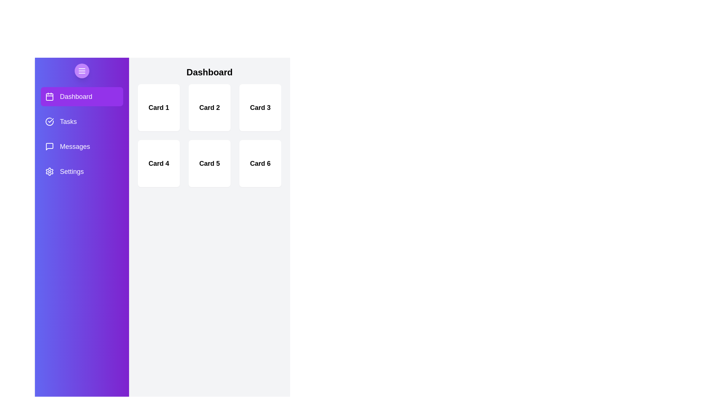 The width and height of the screenshot is (706, 397). I want to click on the sidebar menu section labeled Dashboard, so click(82, 96).